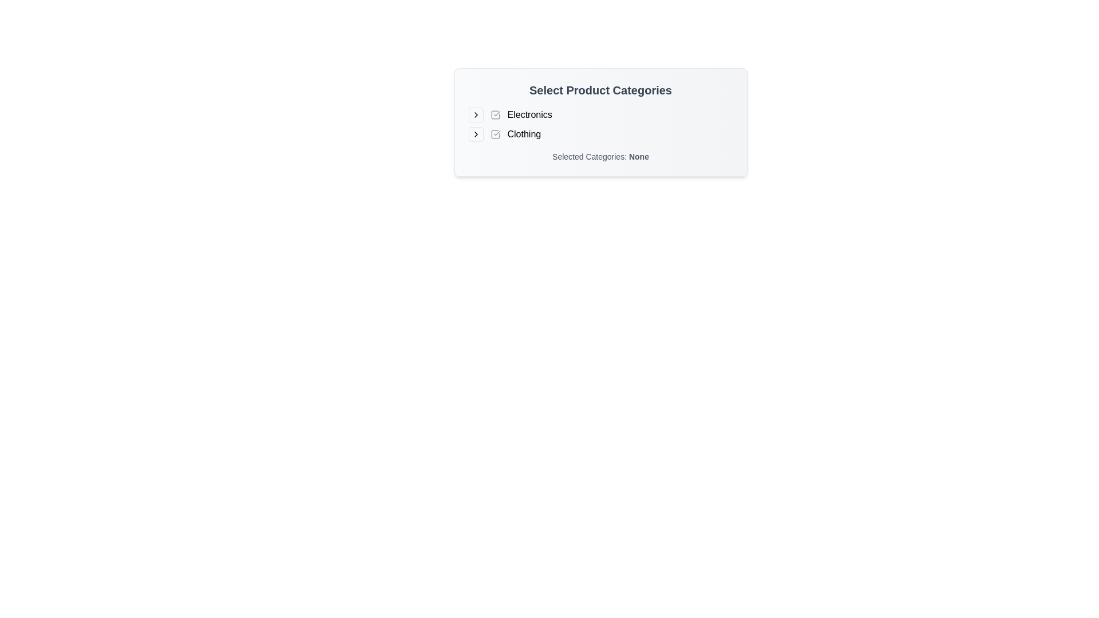 This screenshot has width=1099, height=618. What do you see at coordinates (476, 114) in the screenshot?
I see `the right-pointing chevron icon next to the 'Electronics' text in the 'Select Product Categories' interface for interaction feedback` at bounding box center [476, 114].